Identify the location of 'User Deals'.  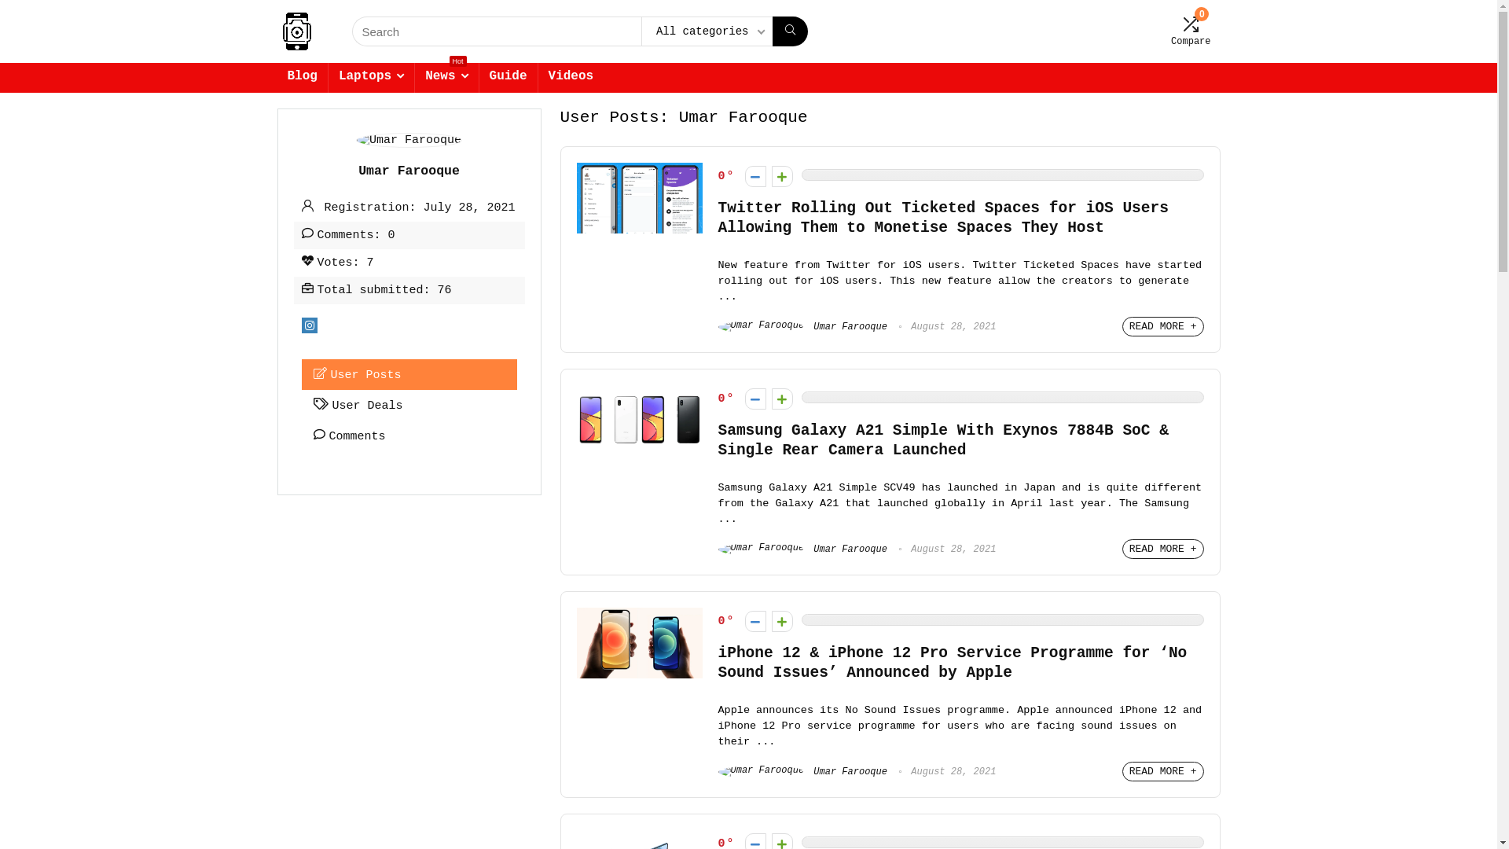
(409, 404).